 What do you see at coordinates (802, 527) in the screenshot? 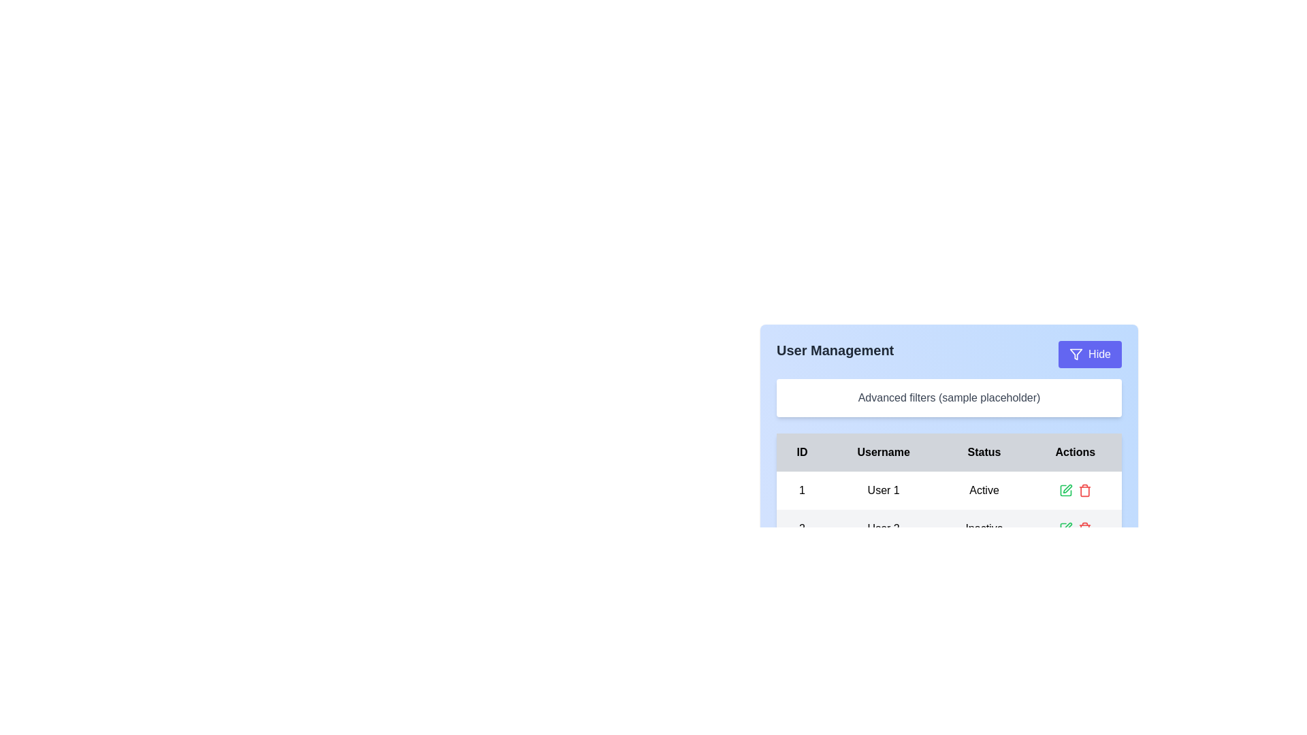
I see `the text field displaying the number '2' in the second row of the 'ID' column within the user management table` at bounding box center [802, 527].